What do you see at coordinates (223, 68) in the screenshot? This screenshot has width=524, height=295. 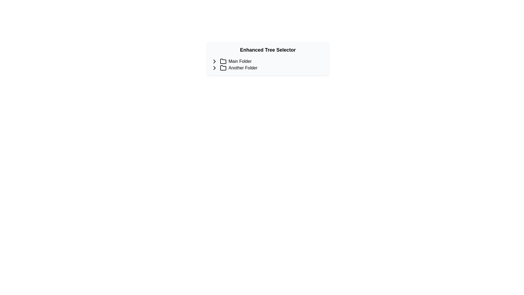 I see `the folder icon located to the left of the text 'Another Folder' within the second item of the list under the header 'Enhanced Tree Selector'` at bounding box center [223, 68].